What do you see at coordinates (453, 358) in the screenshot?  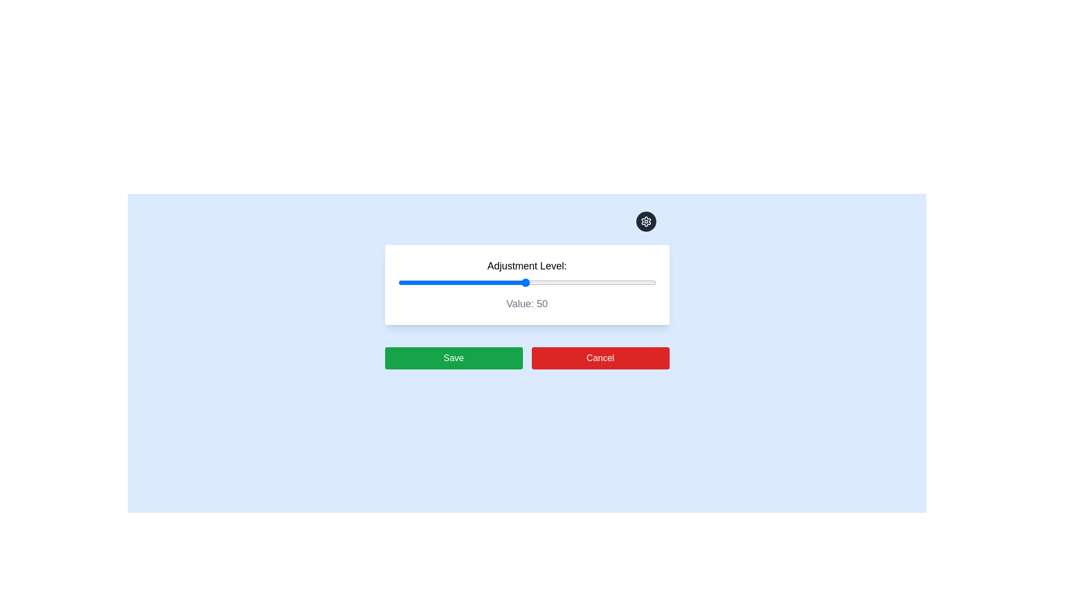 I see `the 'Save' button, which is a green rectangular button with white text and rounded borders, located to the left of another contrasting red button` at bounding box center [453, 358].